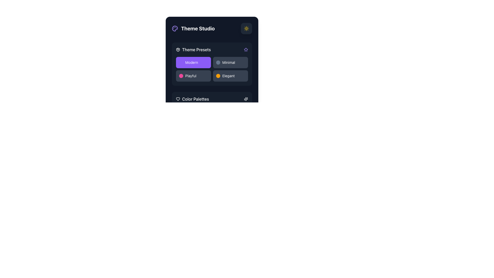  Describe the element at coordinates (193, 49) in the screenshot. I see `the content of the Text label with an icon located at the top-left of the 'Theme Studio' panel, which indicates the purpose of the panel related to theme presets` at that location.